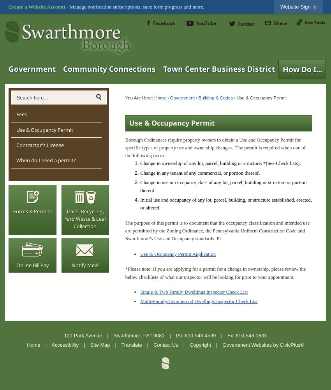  I want to click on 'Ph: 610-543-4599', so click(196, 335).